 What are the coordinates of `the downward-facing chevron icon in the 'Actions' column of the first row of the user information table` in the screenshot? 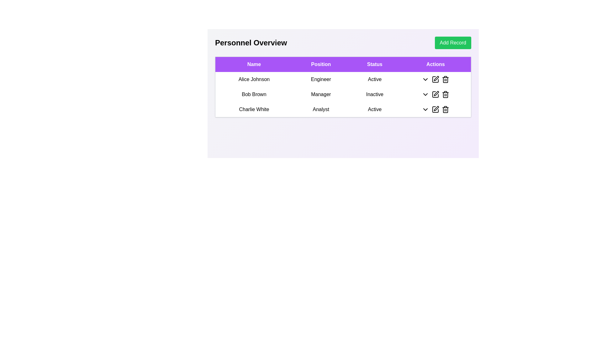 It's located at (425, 79).